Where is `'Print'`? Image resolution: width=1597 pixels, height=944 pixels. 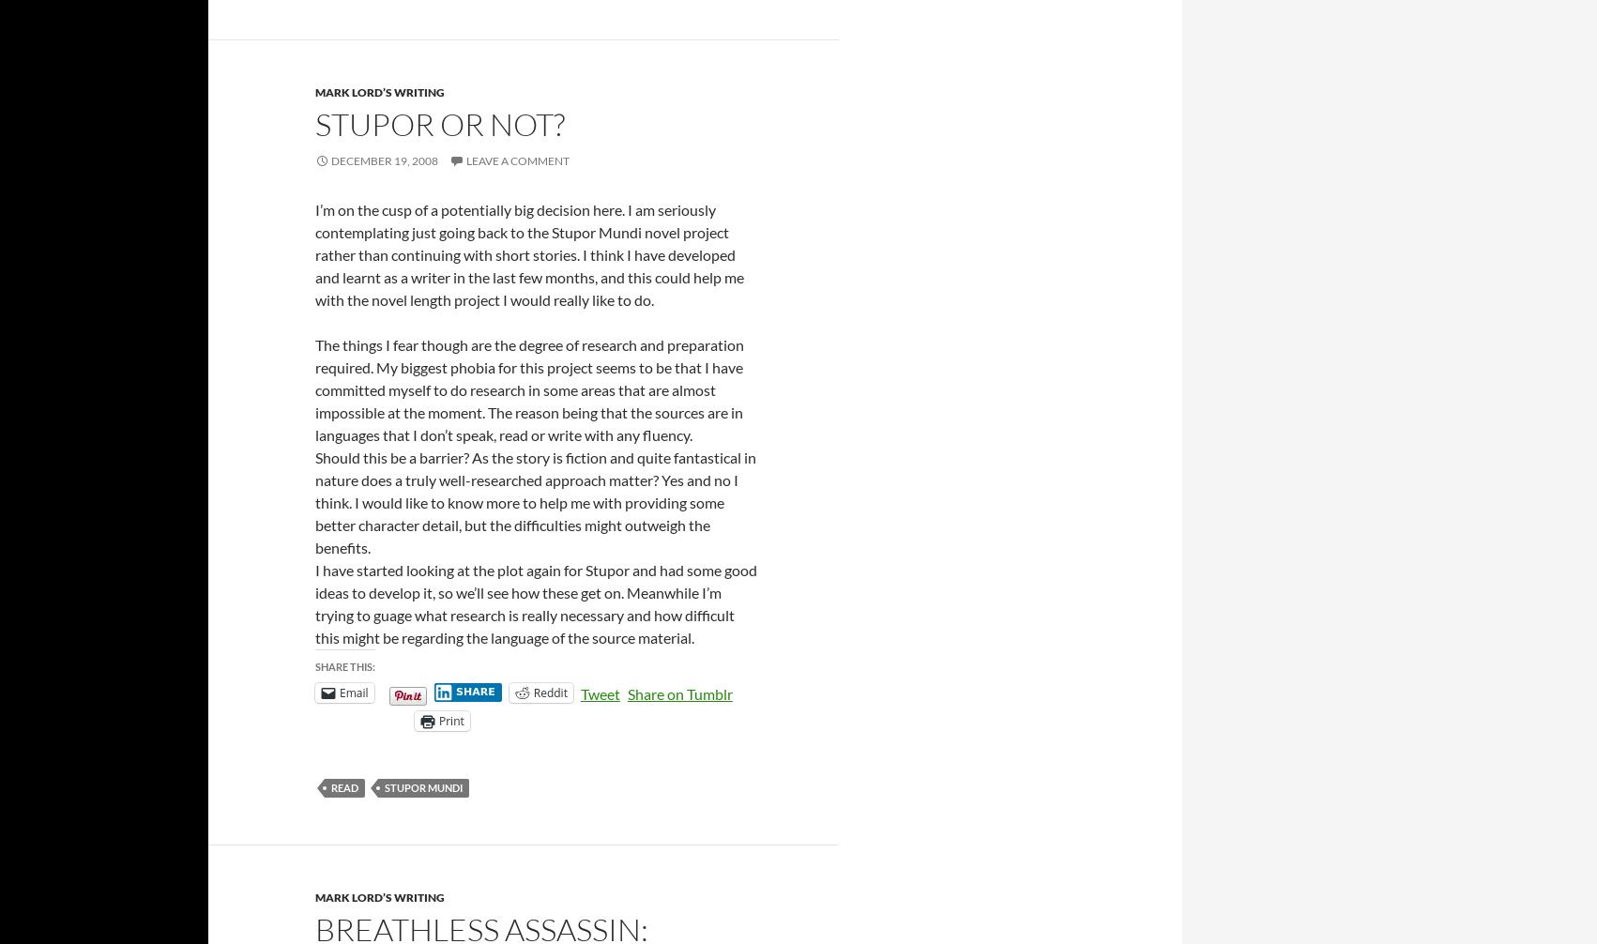 'Print' is located at coordinates (449, 719).